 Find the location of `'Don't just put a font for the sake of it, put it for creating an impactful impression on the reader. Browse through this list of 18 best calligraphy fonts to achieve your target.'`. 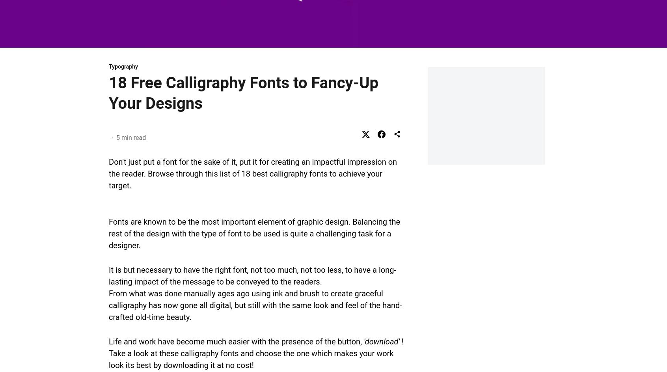

'Don't just put a font for the sake of it, put it for creating an impactful impression on the reader. Browse through this list of 18 best calligraphy fonts to achieve your target.' is located at coordinates (253, 173).